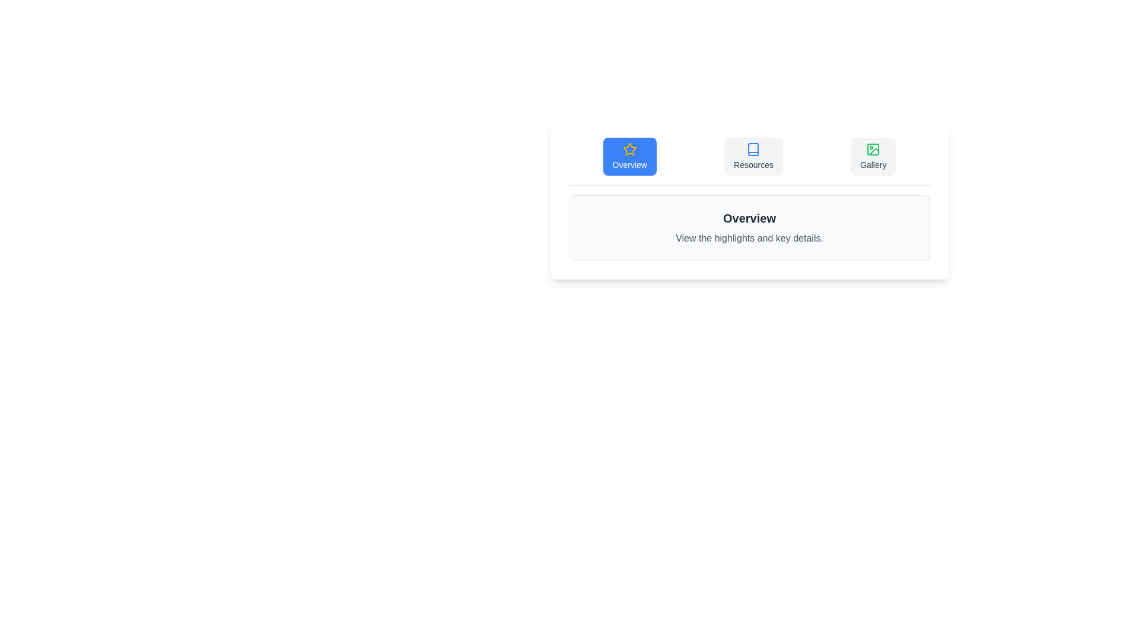  What do you see at coordinates (753, 156) in the screenshot?
I see `the tab labeled Resources to switch the active content view` at bounding box center [753, 156].